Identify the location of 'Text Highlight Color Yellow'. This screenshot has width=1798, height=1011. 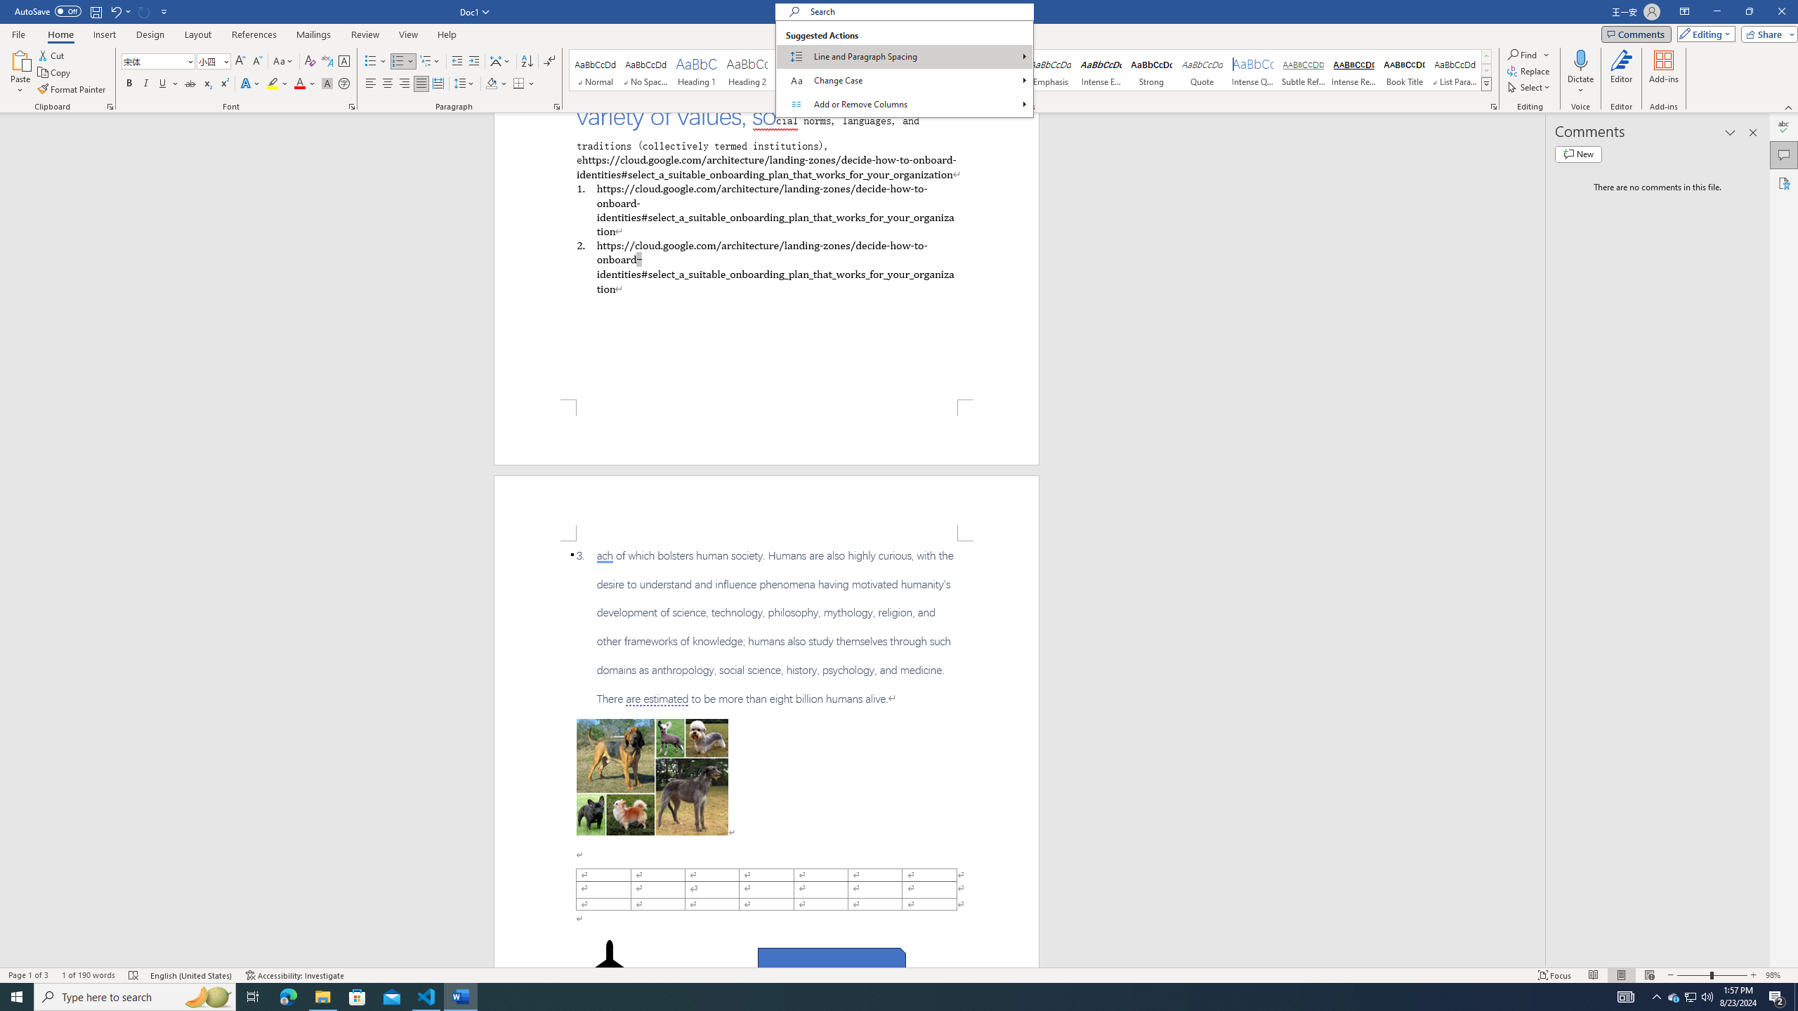
(272, 83).